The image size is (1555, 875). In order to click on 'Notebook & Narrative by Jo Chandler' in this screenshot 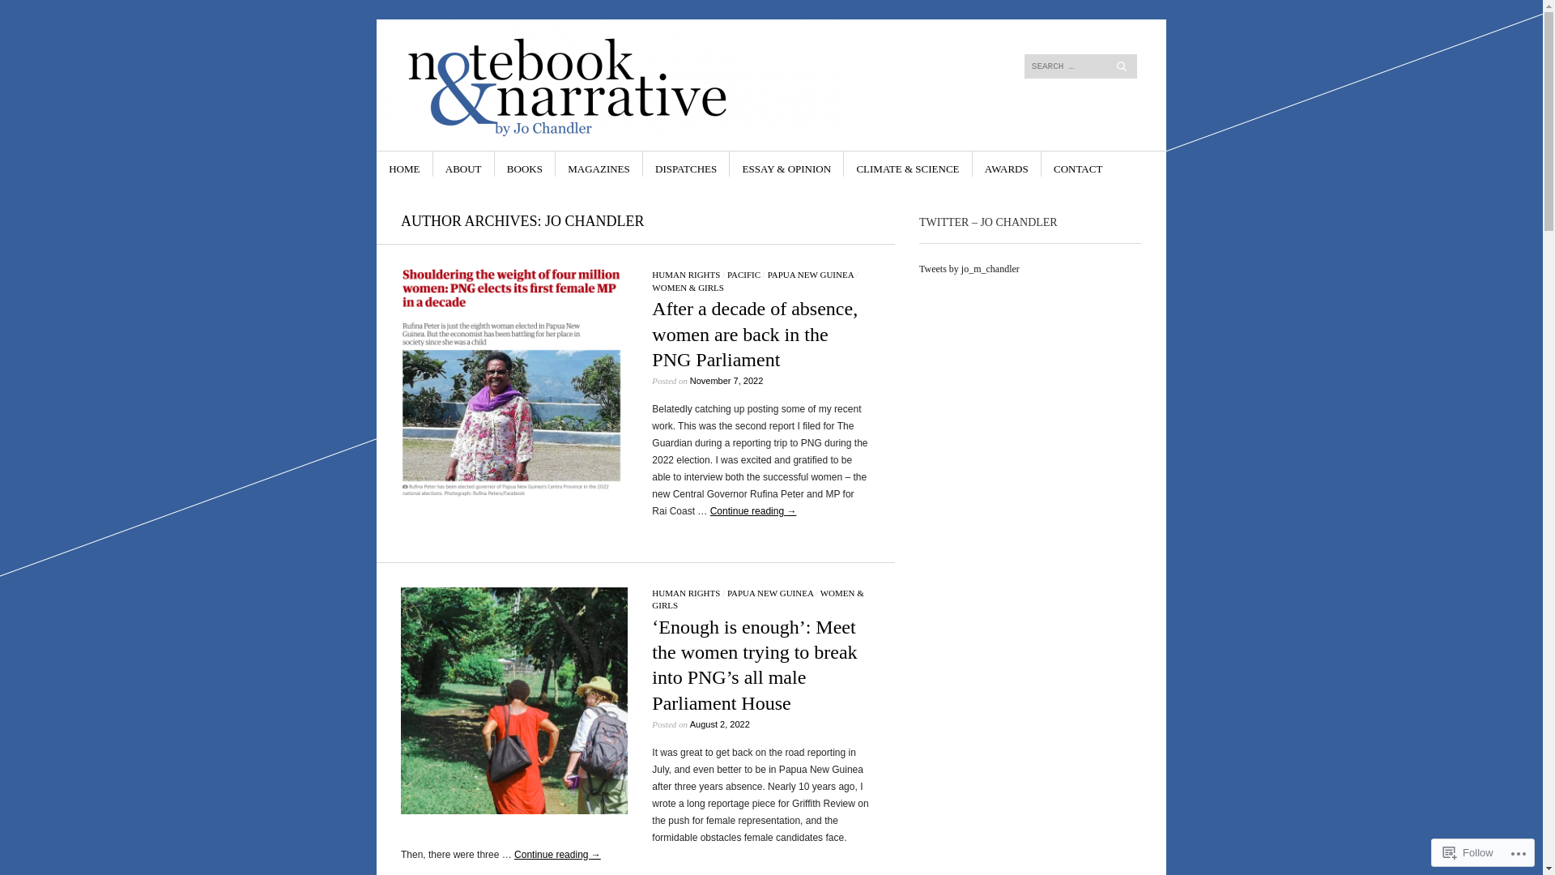, I will do `click(649, 80)`.